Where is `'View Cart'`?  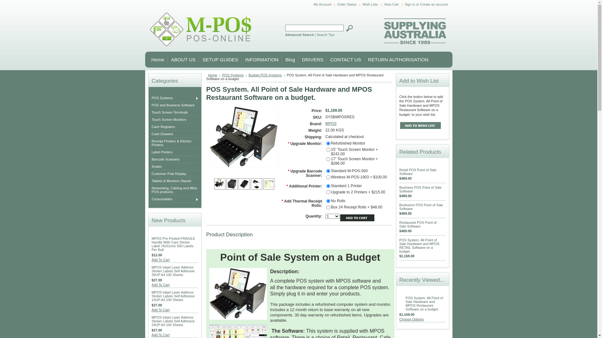
'View Cart' is located at coordinates (392, 4).